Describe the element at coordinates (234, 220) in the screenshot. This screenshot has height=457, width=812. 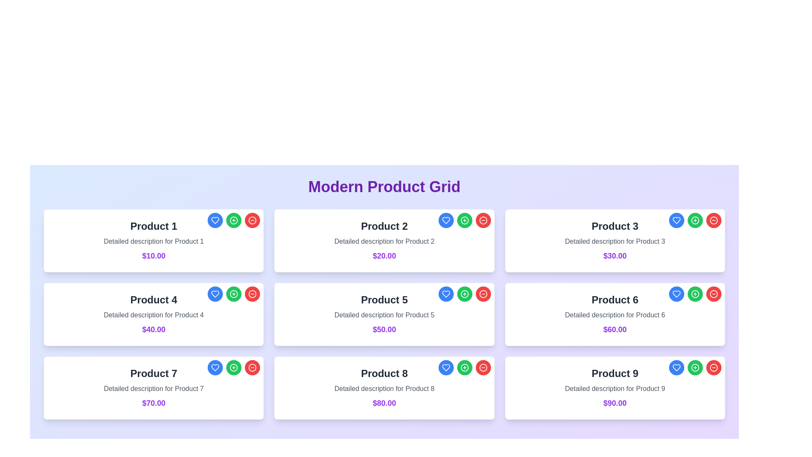
I see `the green circular icon with a plus sign located in the top-left tile titled 'Product 1' in the product grid` at that location.